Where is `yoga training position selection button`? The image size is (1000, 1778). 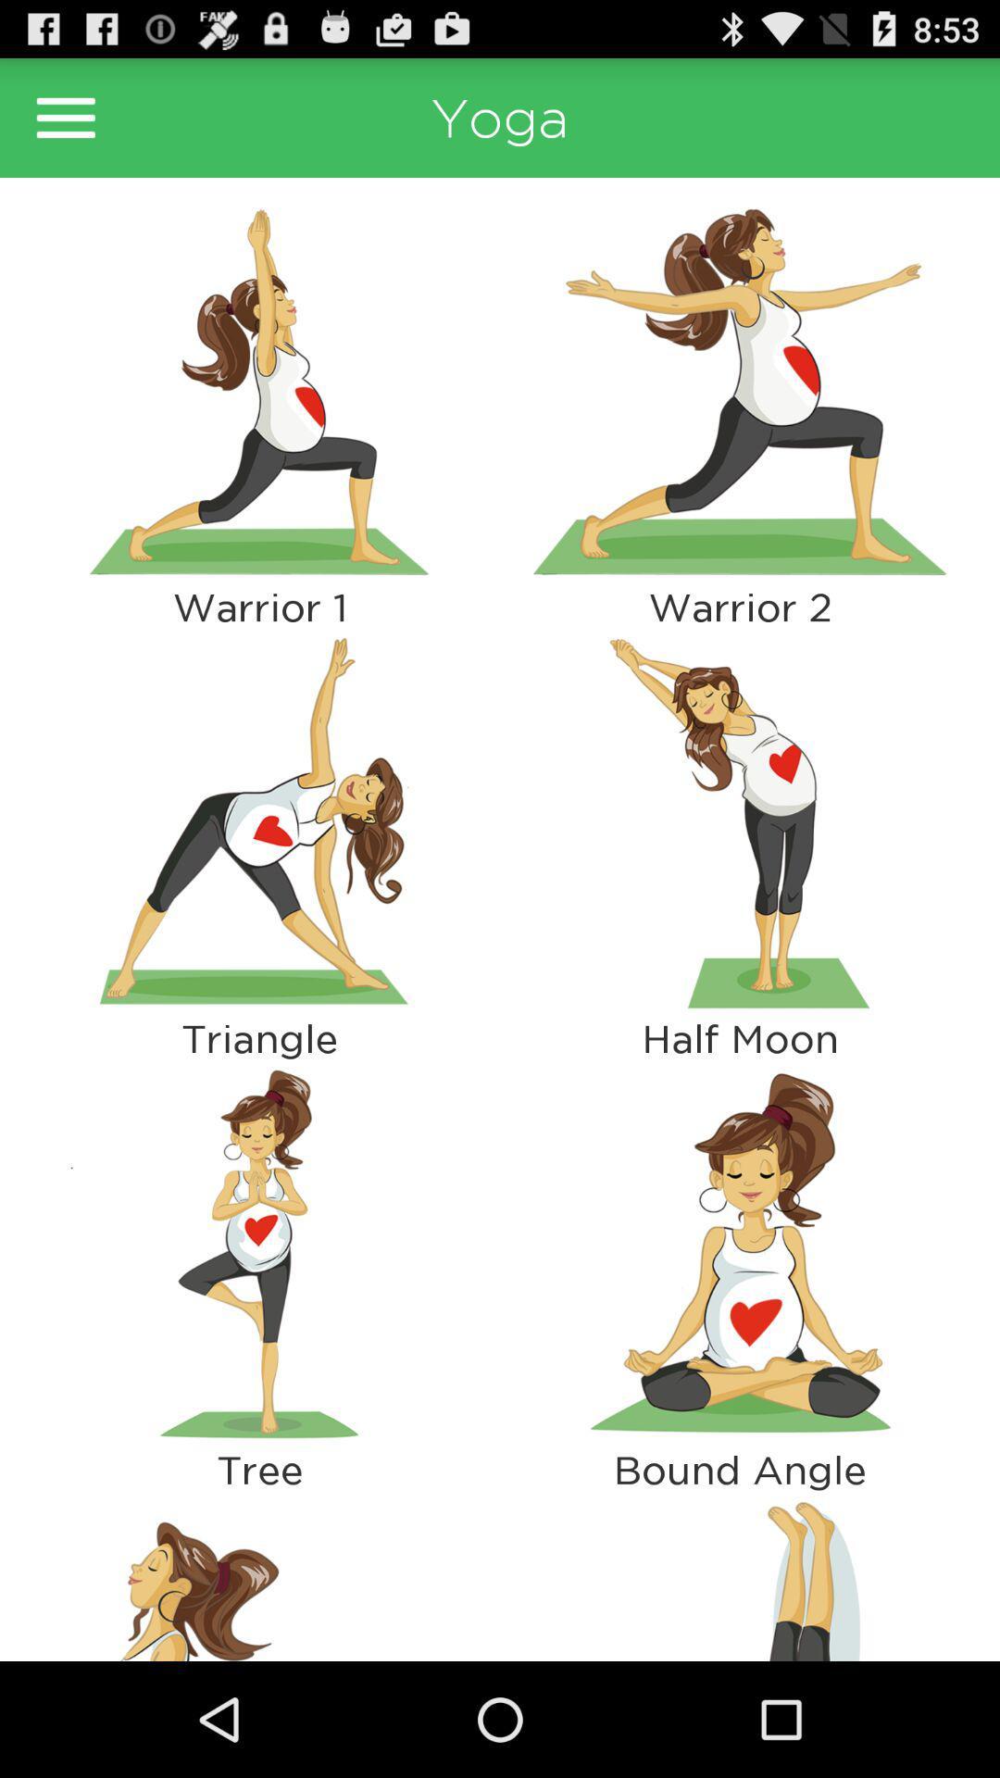 yoga training position selection button is located at coordinates (259, 821).